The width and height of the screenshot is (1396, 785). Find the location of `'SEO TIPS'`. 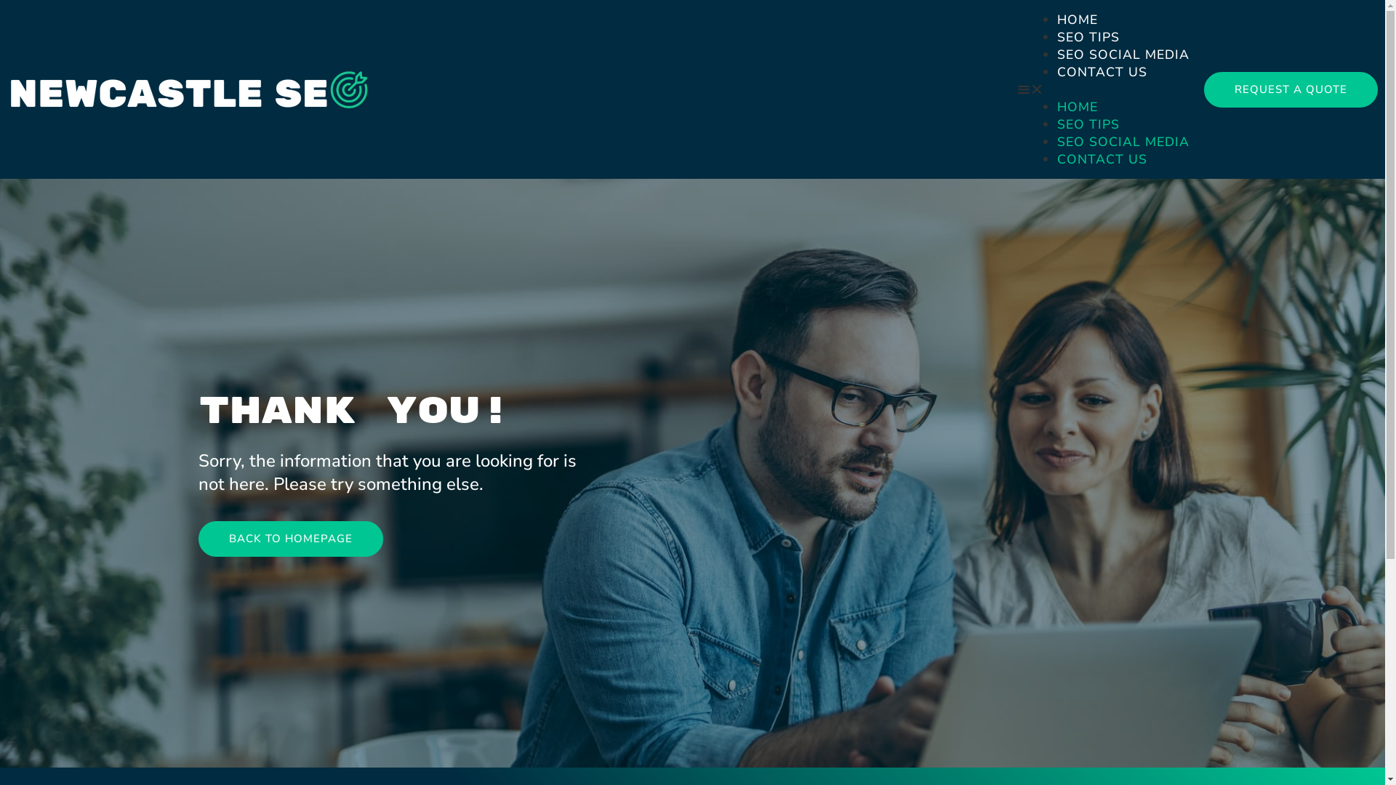

'SEO TIPS' is located at coordinates (1088, 123).